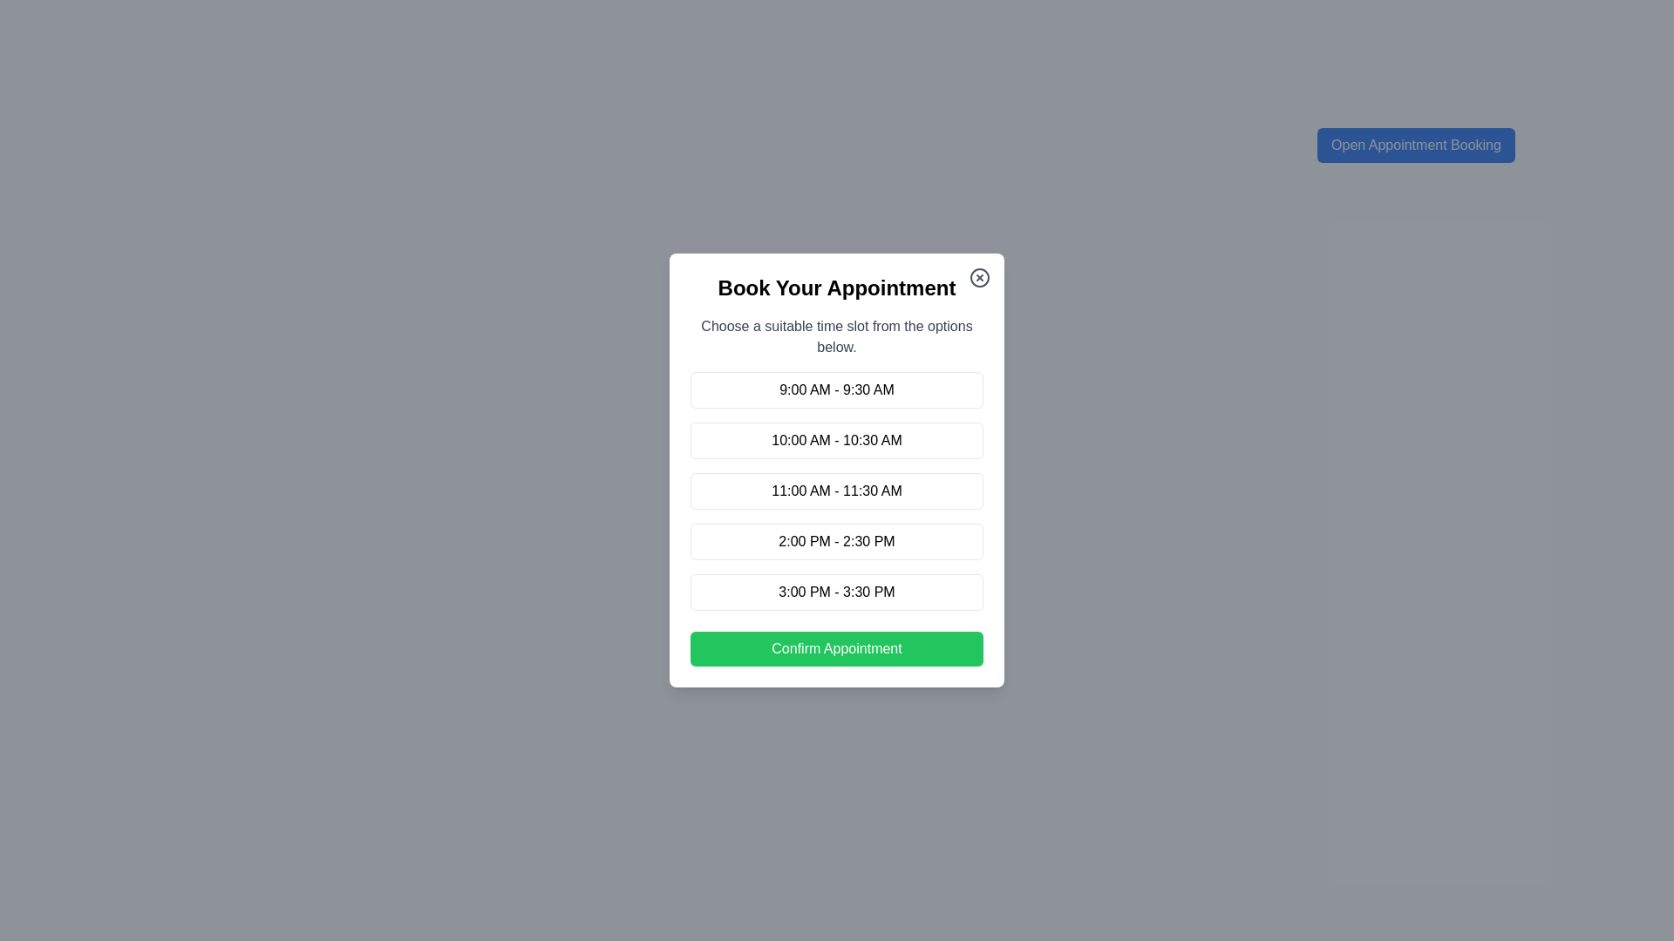 This screenshot has height=941, width=1674. I want to click on the button displaying '2:00 PM - 2:30 PM', so click(837, 540).